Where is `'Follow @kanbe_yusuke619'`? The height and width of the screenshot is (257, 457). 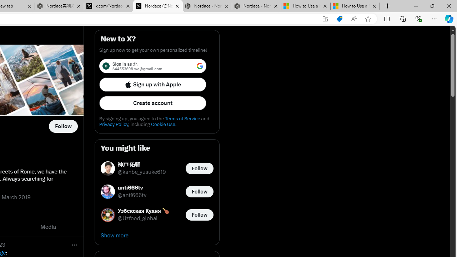
'Follow @kanbe_yusuke619' is located at coordinates (199, 168).